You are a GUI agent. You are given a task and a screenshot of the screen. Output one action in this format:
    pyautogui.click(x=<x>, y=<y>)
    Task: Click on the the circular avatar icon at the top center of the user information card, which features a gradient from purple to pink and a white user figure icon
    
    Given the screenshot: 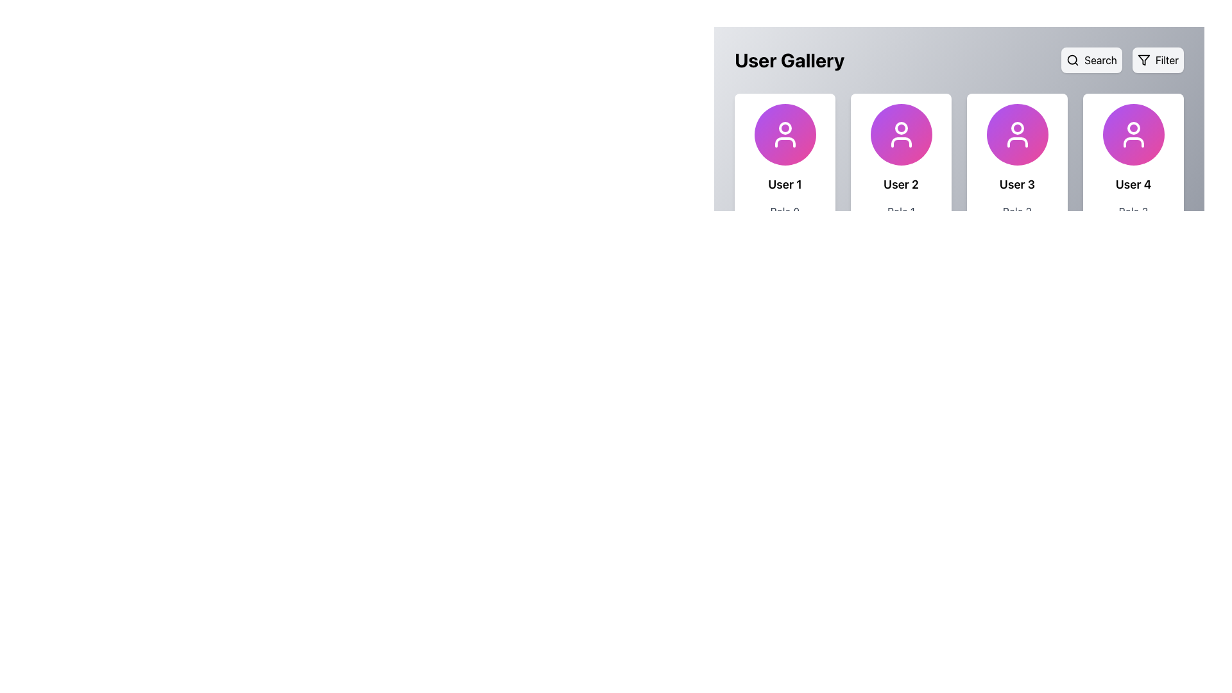 What is the action you would take?
    pyautogui.click(x=1016, y=134)
    